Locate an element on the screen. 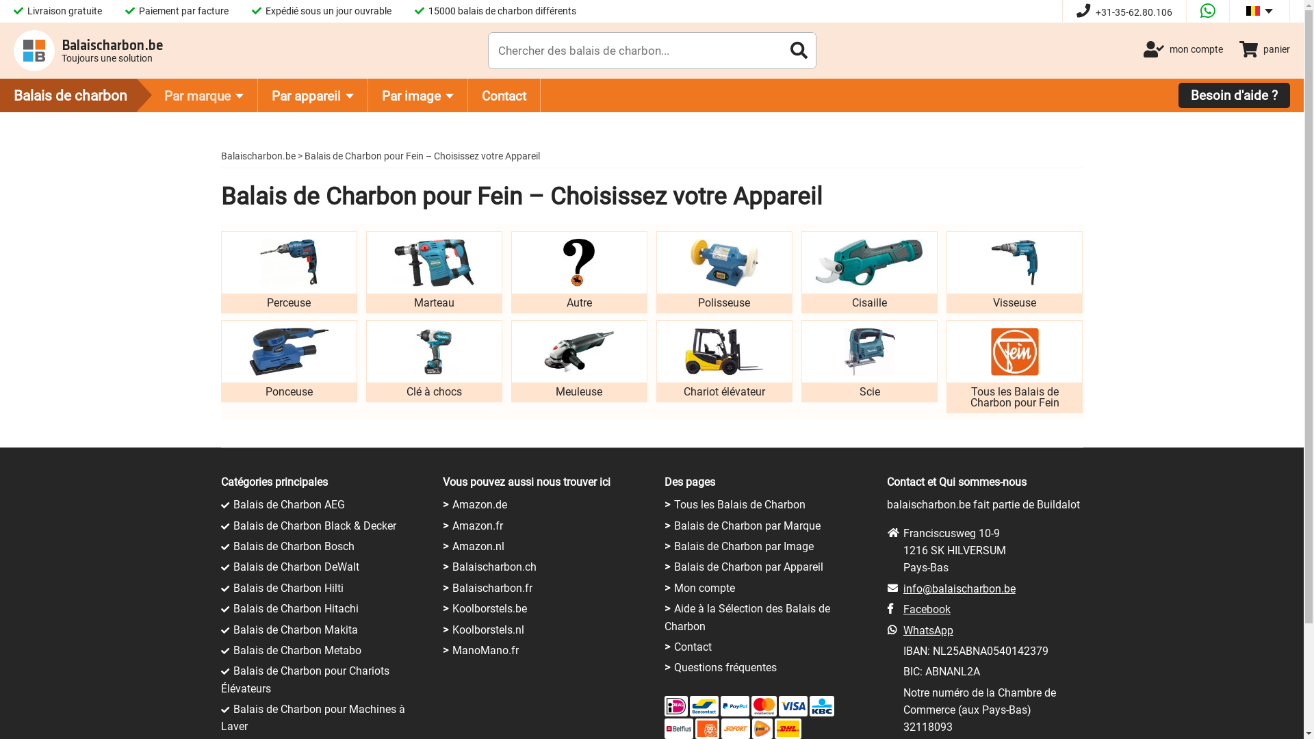  'Balaischarbon.fr' is located at coordinates (492, 587).